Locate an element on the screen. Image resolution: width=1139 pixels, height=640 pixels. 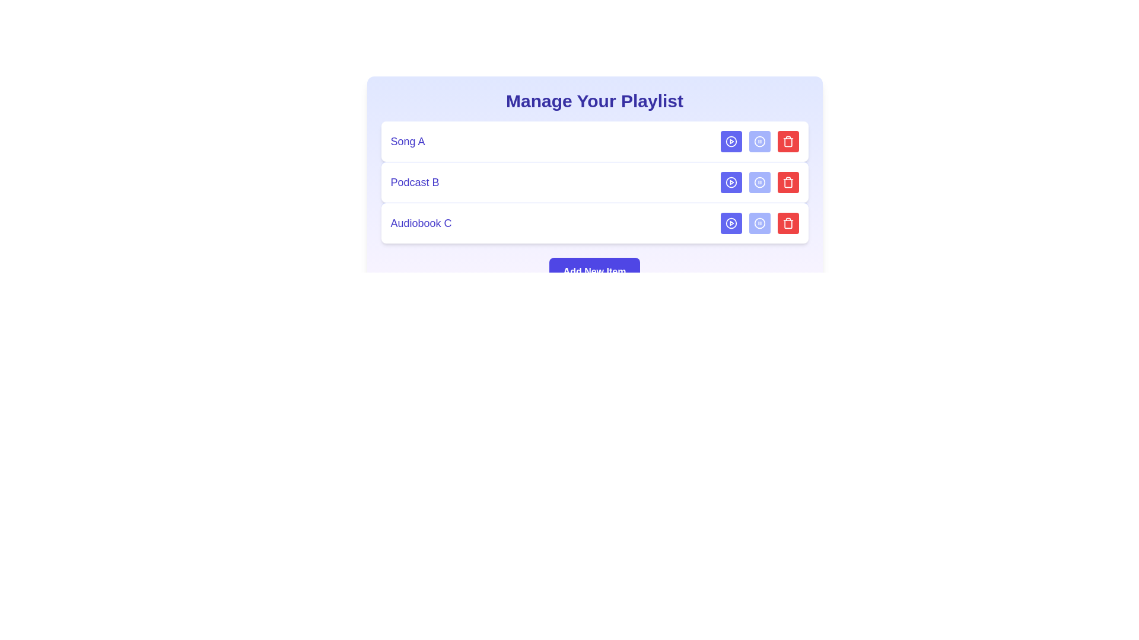
the media item named Podcast B is located at coordinates (594, 182).